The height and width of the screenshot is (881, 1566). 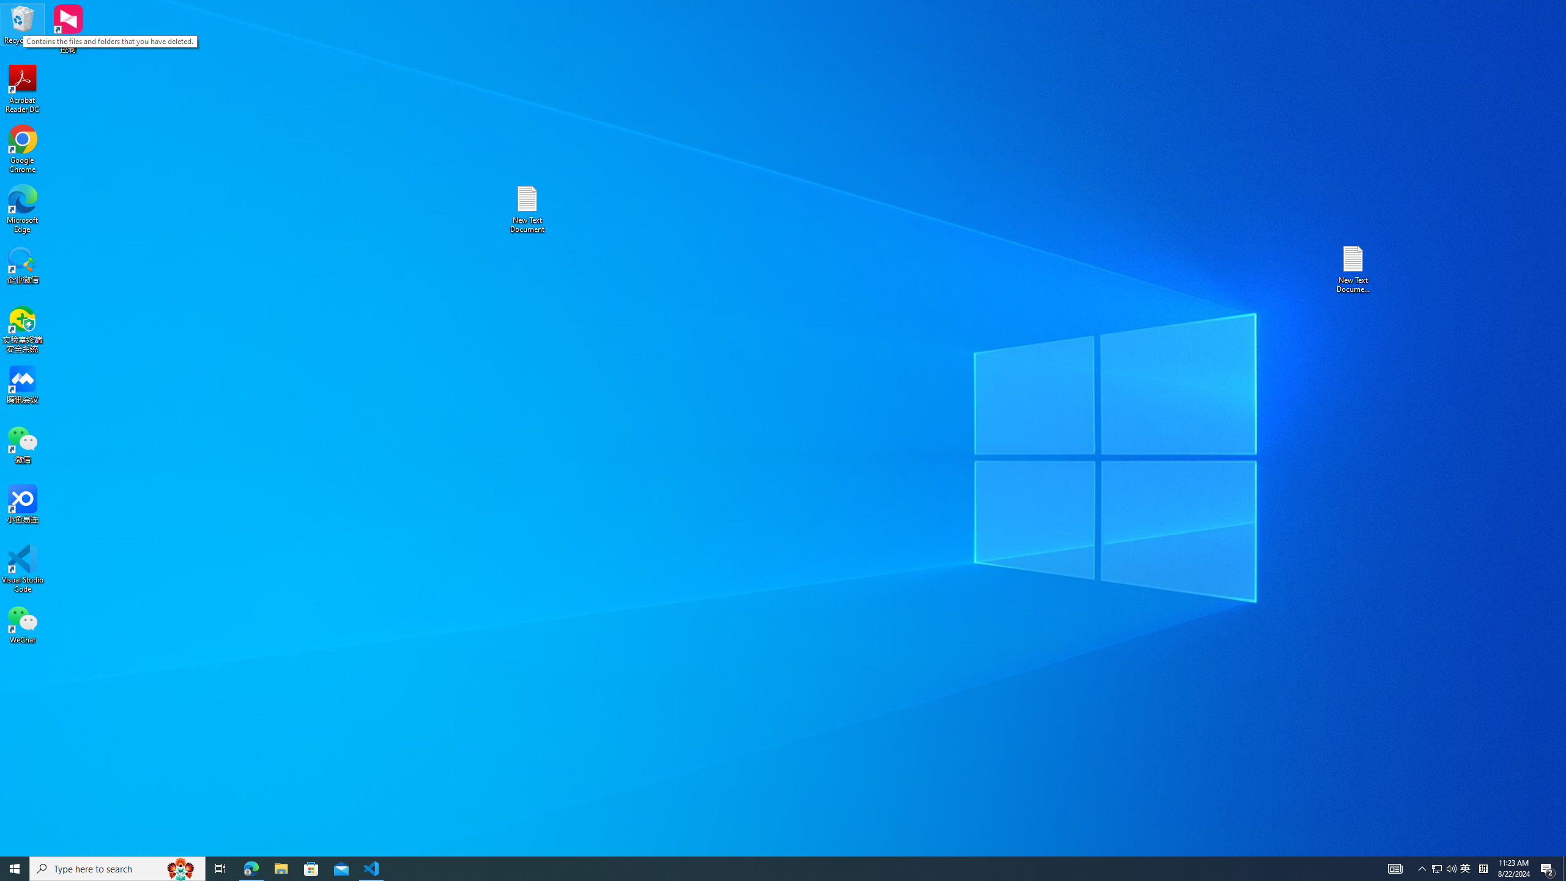 What do you see at coordinates (15, 868) in the screenshot?
I see `'Start'` at bounding box center [15, 868].